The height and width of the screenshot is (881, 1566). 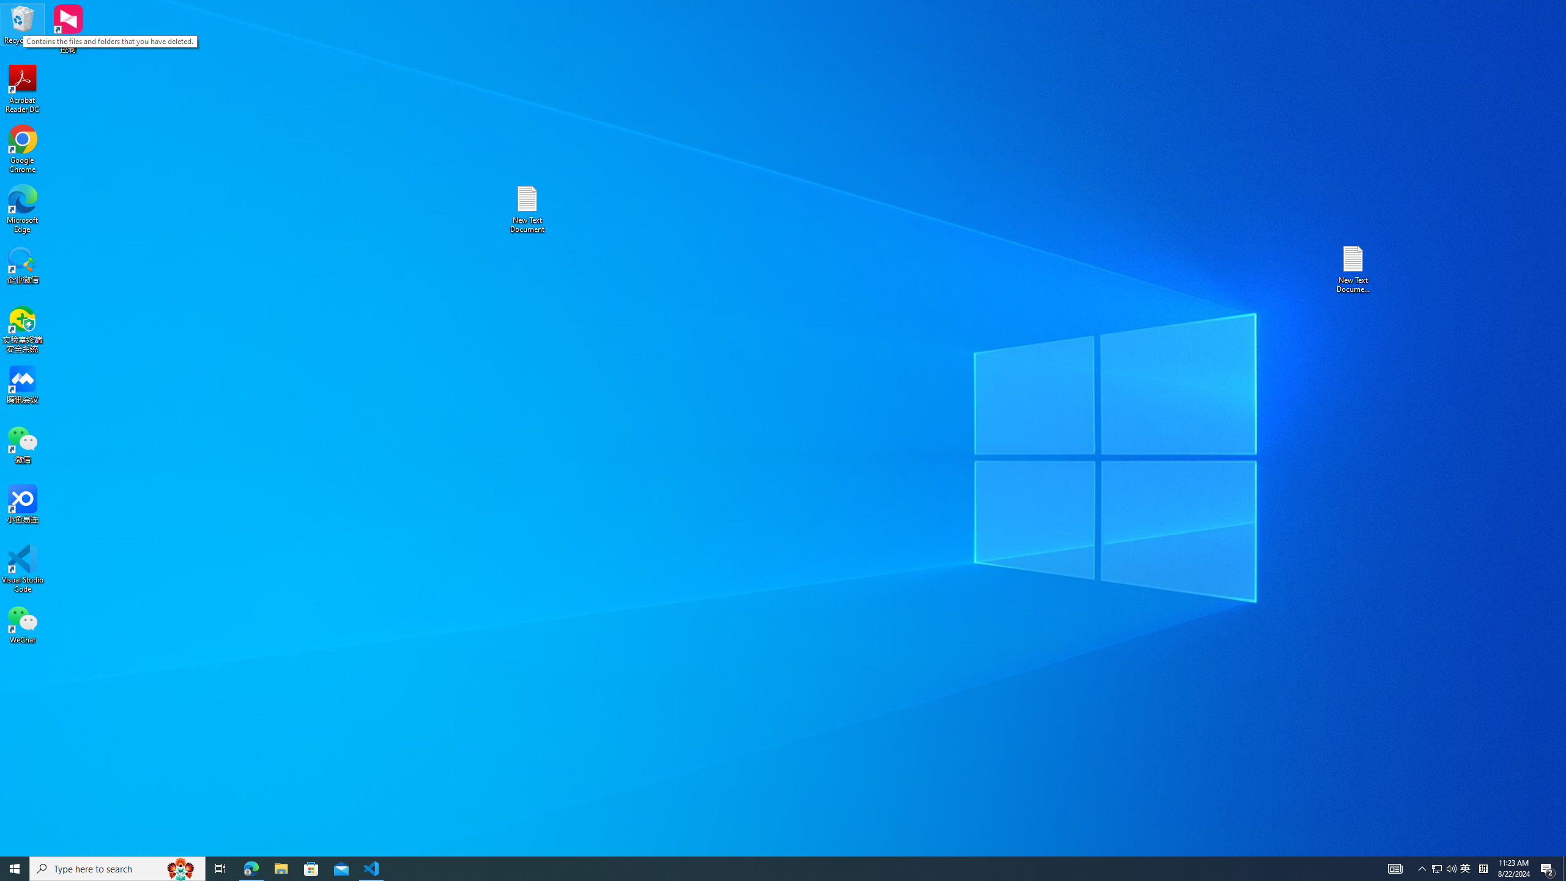 What do you see at coordinates (15, 868) in the screenshot?
I see `'Start'` at bounding box center [15, 868].